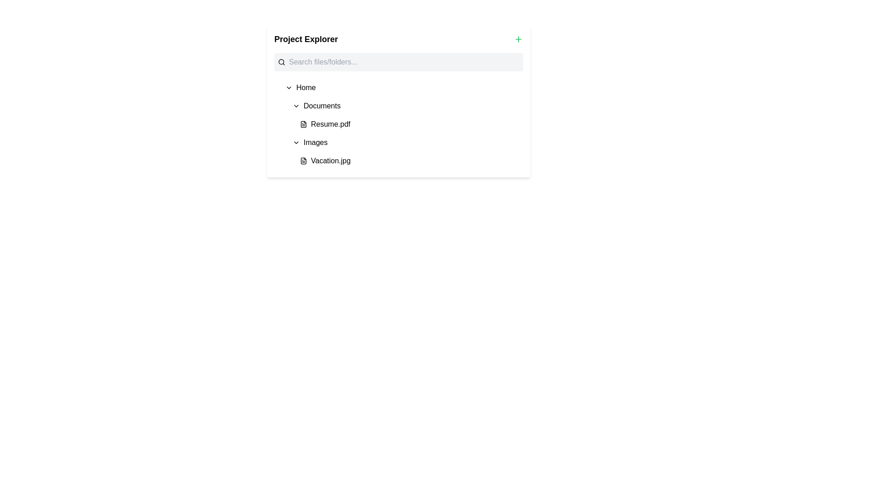 The width and height of the screenshot is (878, 494). I want to click on the downward-pointing chevron-shaped icon located to the left of the 'Images' text, so click(296, 143).